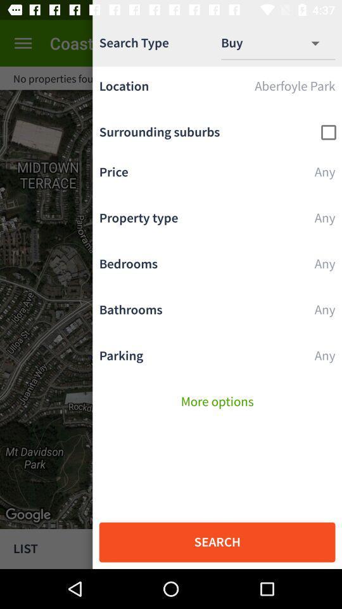 This screenshot has width=342, height=609. I want to click on the star icon, so click(323, 77).